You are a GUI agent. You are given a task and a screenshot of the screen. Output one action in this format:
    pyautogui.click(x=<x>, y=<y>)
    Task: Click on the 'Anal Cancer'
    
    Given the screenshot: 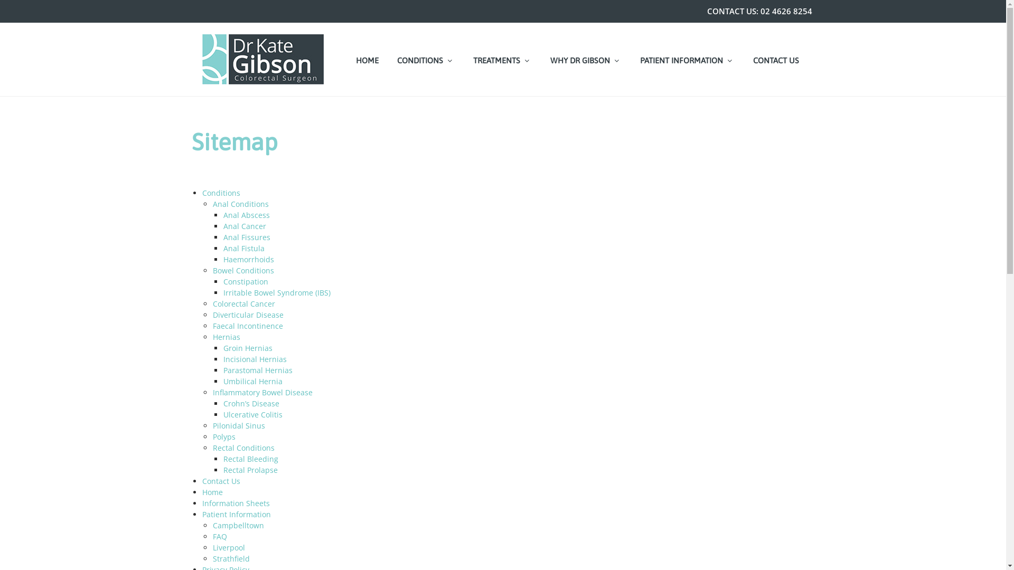 What is the action you would take?
    pyautogui.click(x=243, y=225)
    